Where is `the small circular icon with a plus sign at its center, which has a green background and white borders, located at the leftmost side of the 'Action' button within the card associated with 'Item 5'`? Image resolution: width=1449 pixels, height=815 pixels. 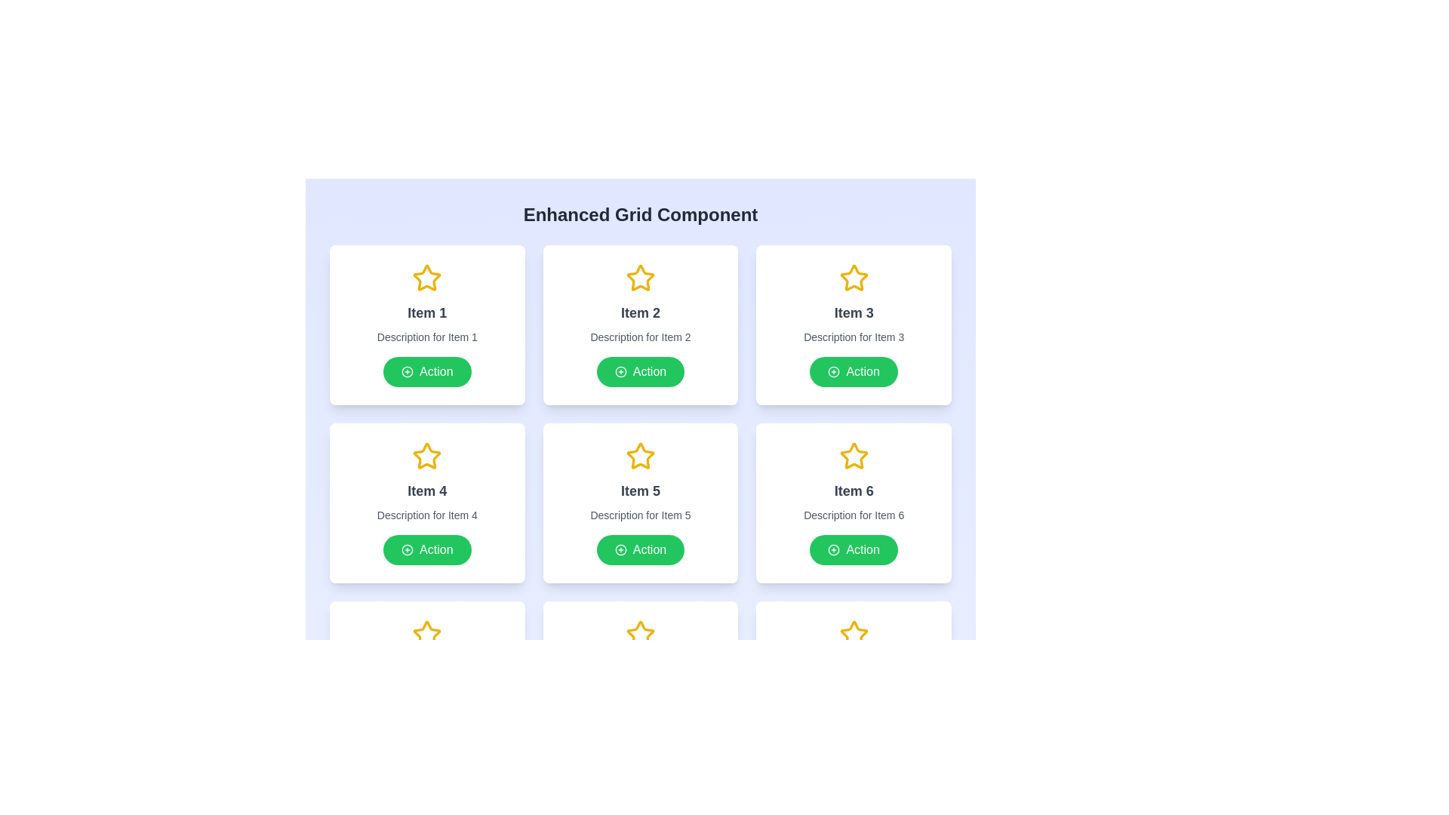
the small circular icon with a plus sign at its center, which has a green background and white borders, located at the leftmost side of the 'Action' button within the card associated with 'Item 5' is located at coordinates (620, 550).